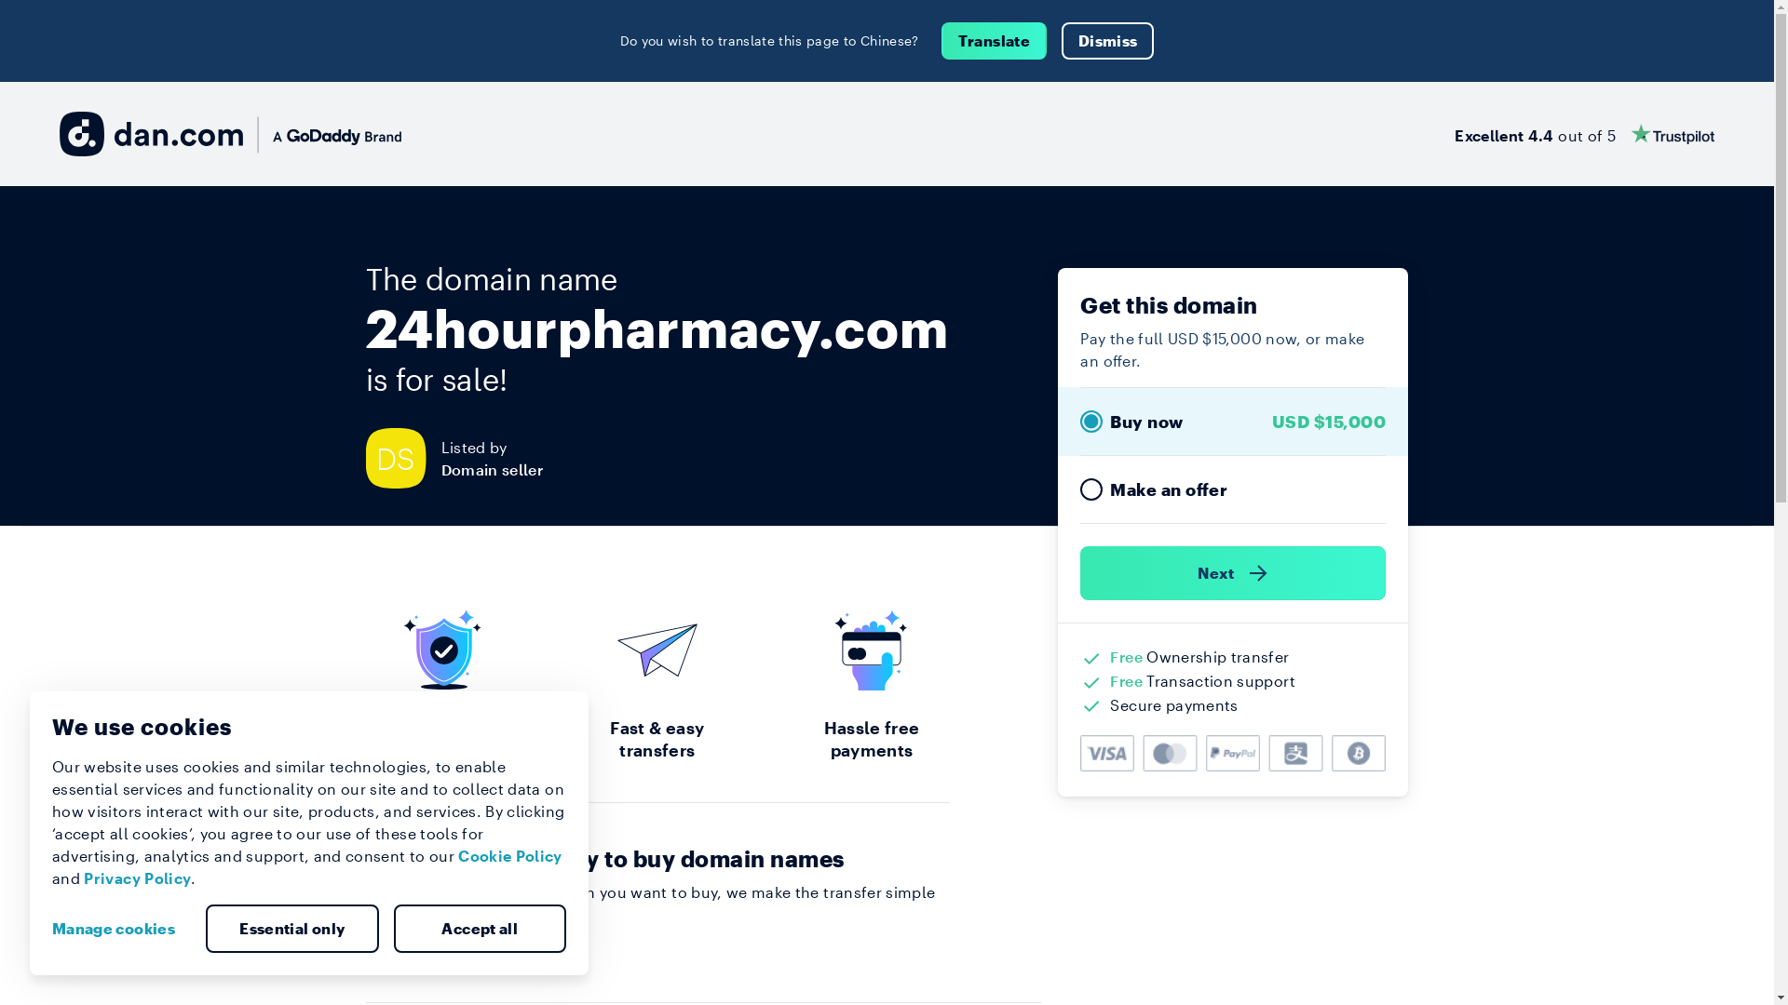 This screenshot has height=1005, width=1788. Describe the element at coordinates (83, 878) in the screenshot. I see `'Privacy Policy'` at that location.